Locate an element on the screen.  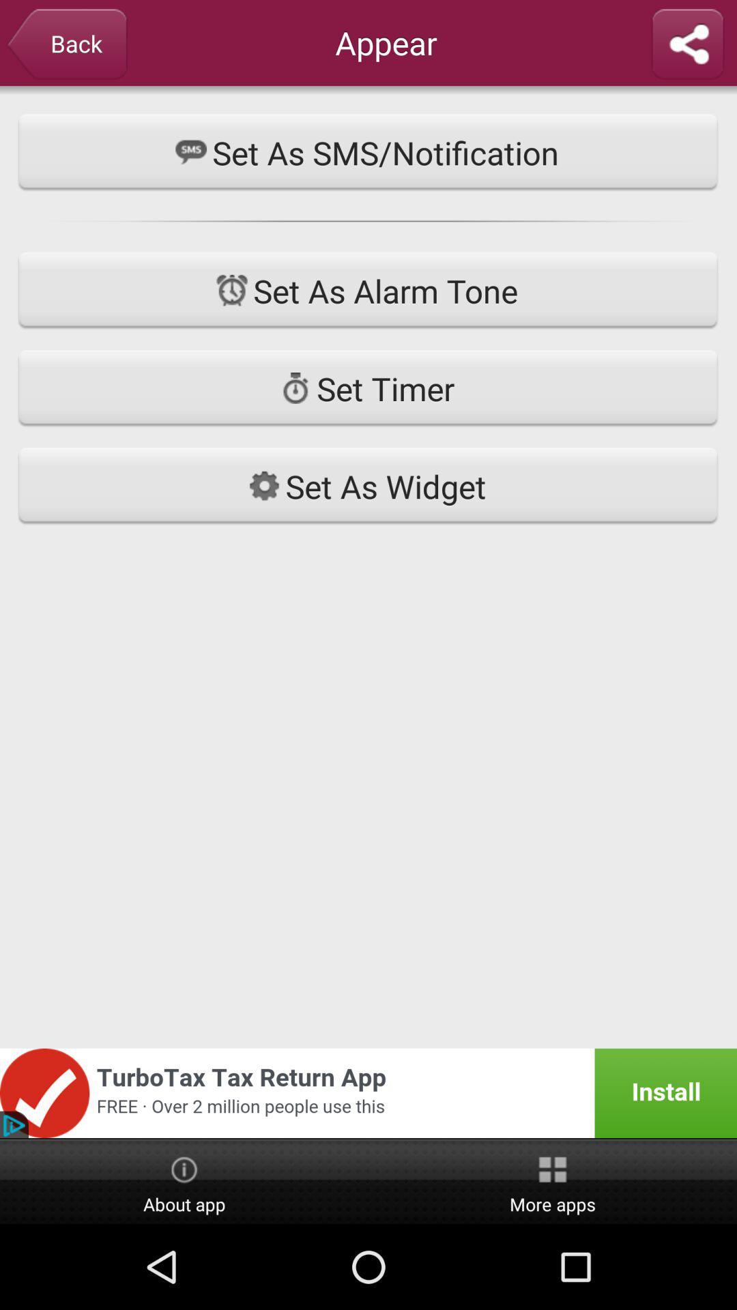
option is located at coordinates (687, 45).